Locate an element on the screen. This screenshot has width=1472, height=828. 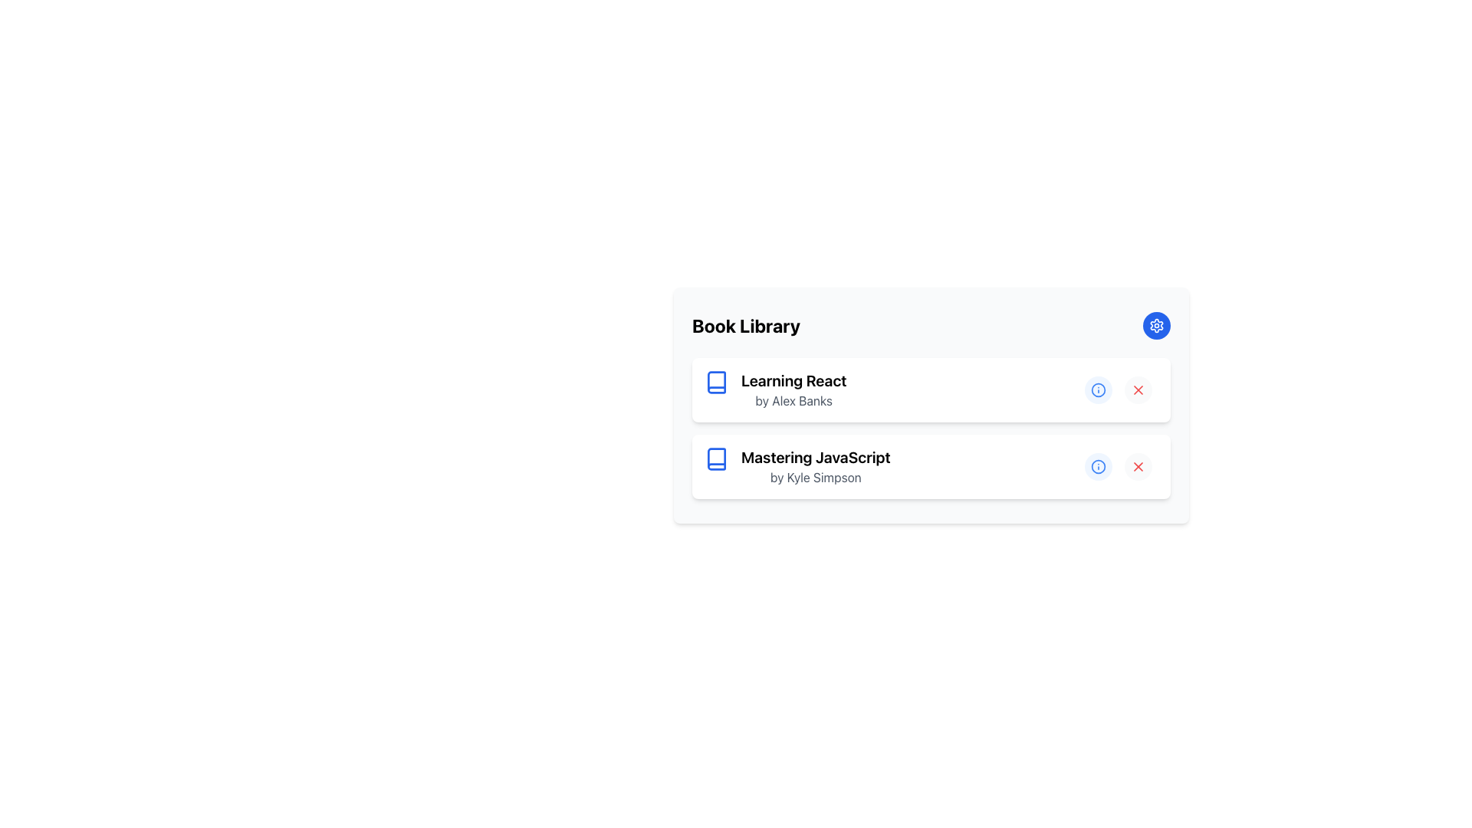
the 'Book Library' text display, which is a bold, large heading located in the top-left corner of its section, above a list of books is located at coordinates (746, 324).